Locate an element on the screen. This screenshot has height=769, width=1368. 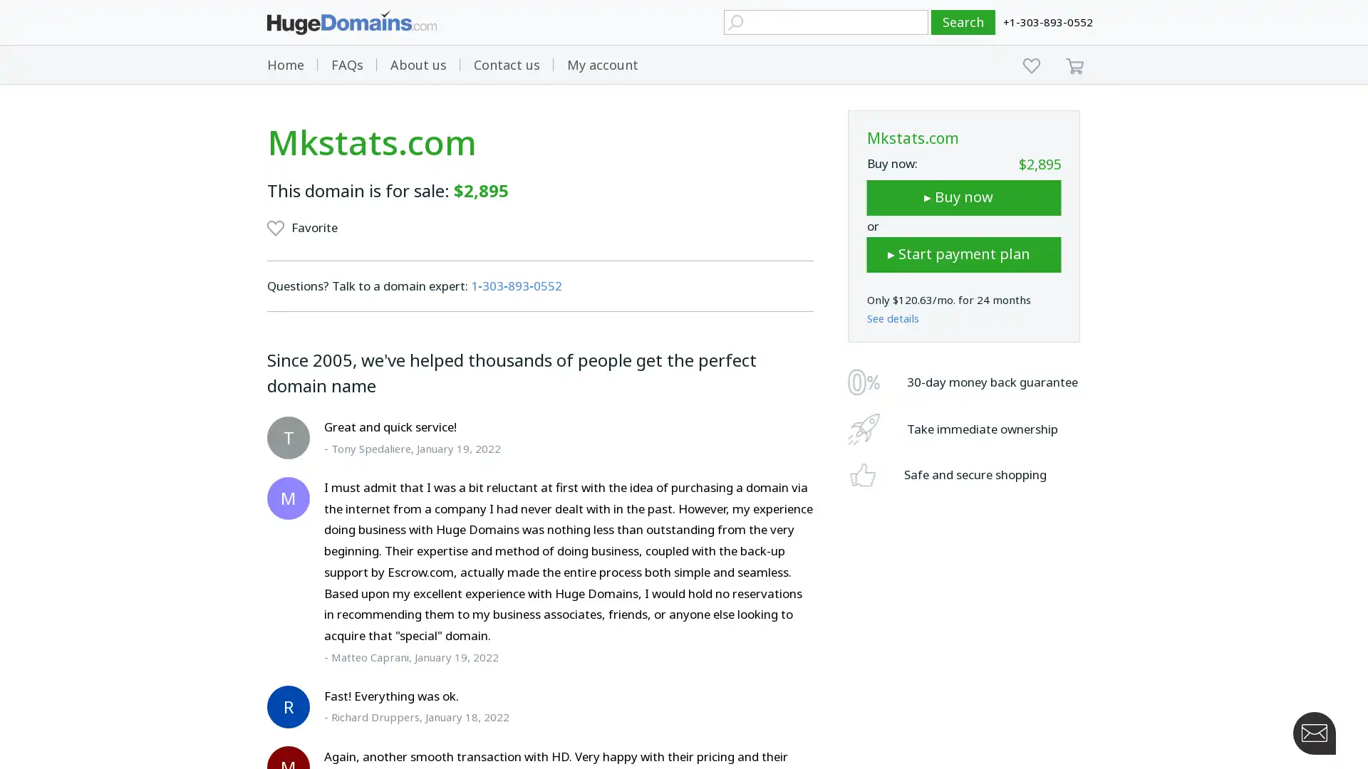
Search is located at coordinates (963, 22).